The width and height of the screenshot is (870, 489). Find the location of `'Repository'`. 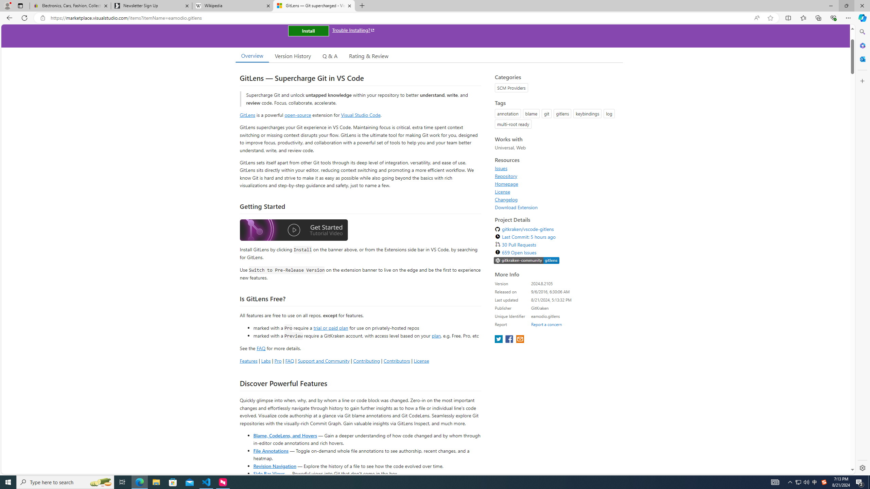

'Repository' is located at coordinates (506, 176).